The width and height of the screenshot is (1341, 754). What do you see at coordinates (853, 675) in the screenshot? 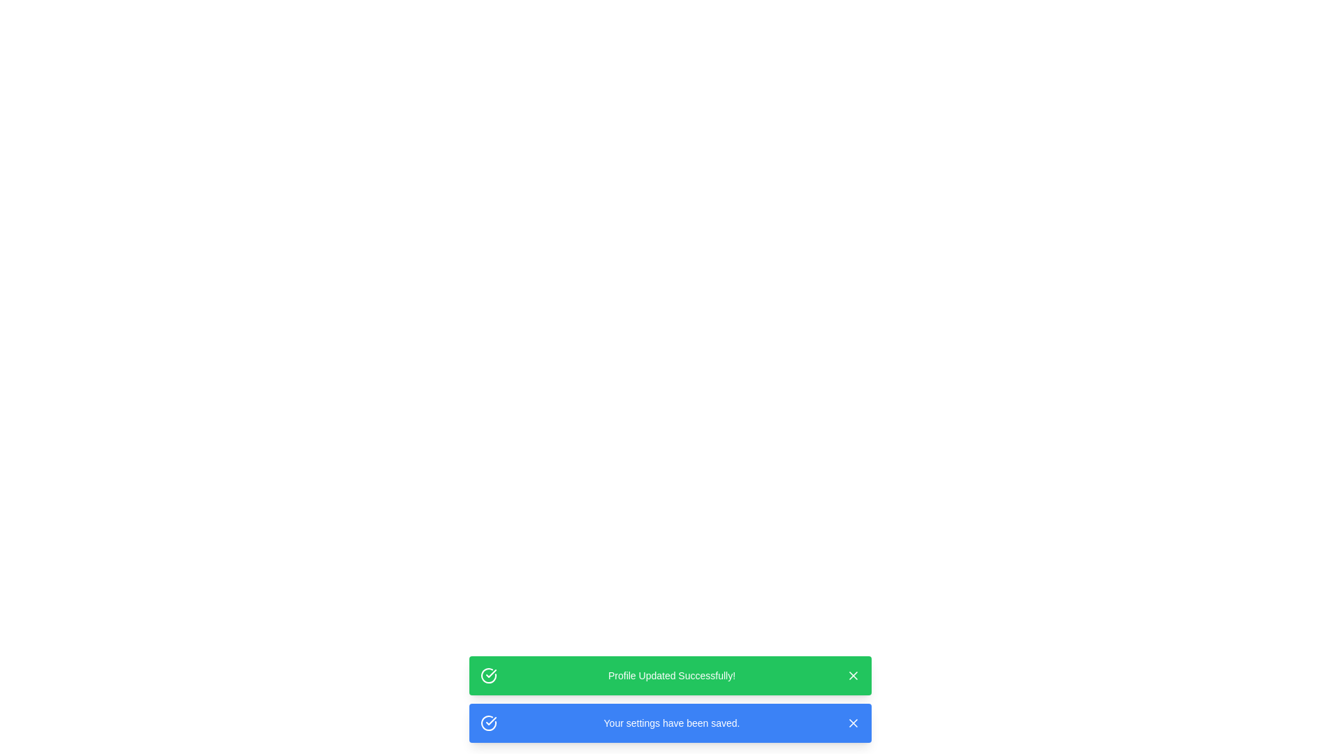
I see `the close icon on the far right side of the green notification bar labeled 'Profile Updated Successfully!'` at bounding box center [853, 675].